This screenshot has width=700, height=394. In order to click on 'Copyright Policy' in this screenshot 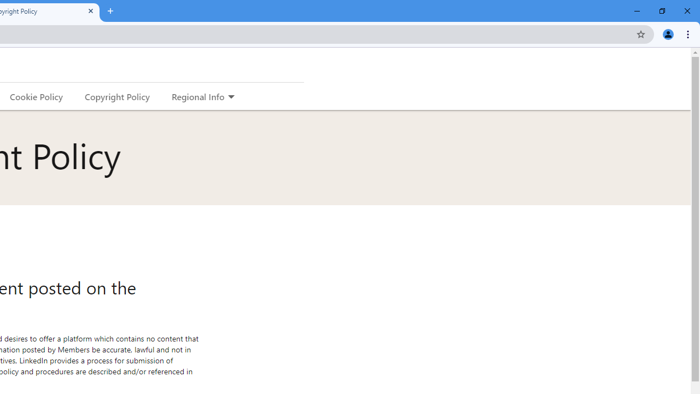, I will do `click(116, 96)`.